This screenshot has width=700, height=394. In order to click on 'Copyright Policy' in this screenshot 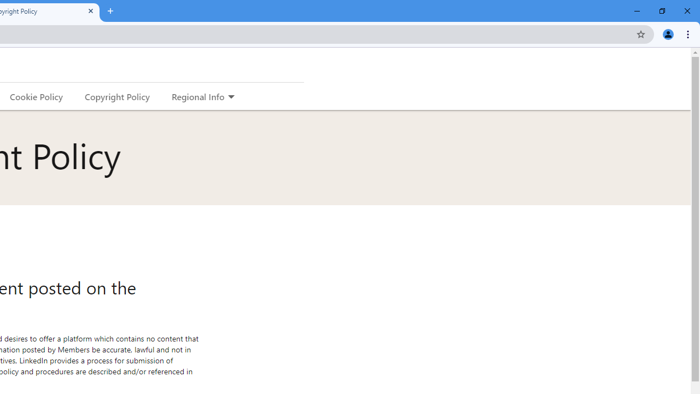, I will do `click(116, 96)`.